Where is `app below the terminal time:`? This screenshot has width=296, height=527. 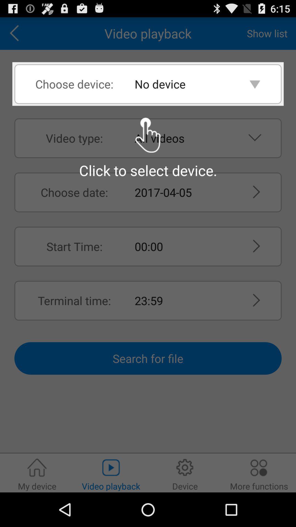
app below the terminal time: is located at coordinates (148, 358).